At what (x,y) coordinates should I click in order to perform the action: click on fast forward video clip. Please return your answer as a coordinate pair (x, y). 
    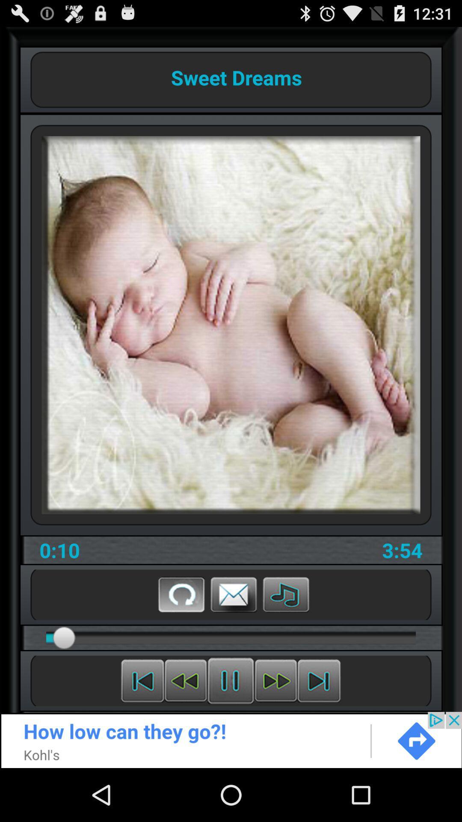
    Looking at the image, I should click on (319, 680).